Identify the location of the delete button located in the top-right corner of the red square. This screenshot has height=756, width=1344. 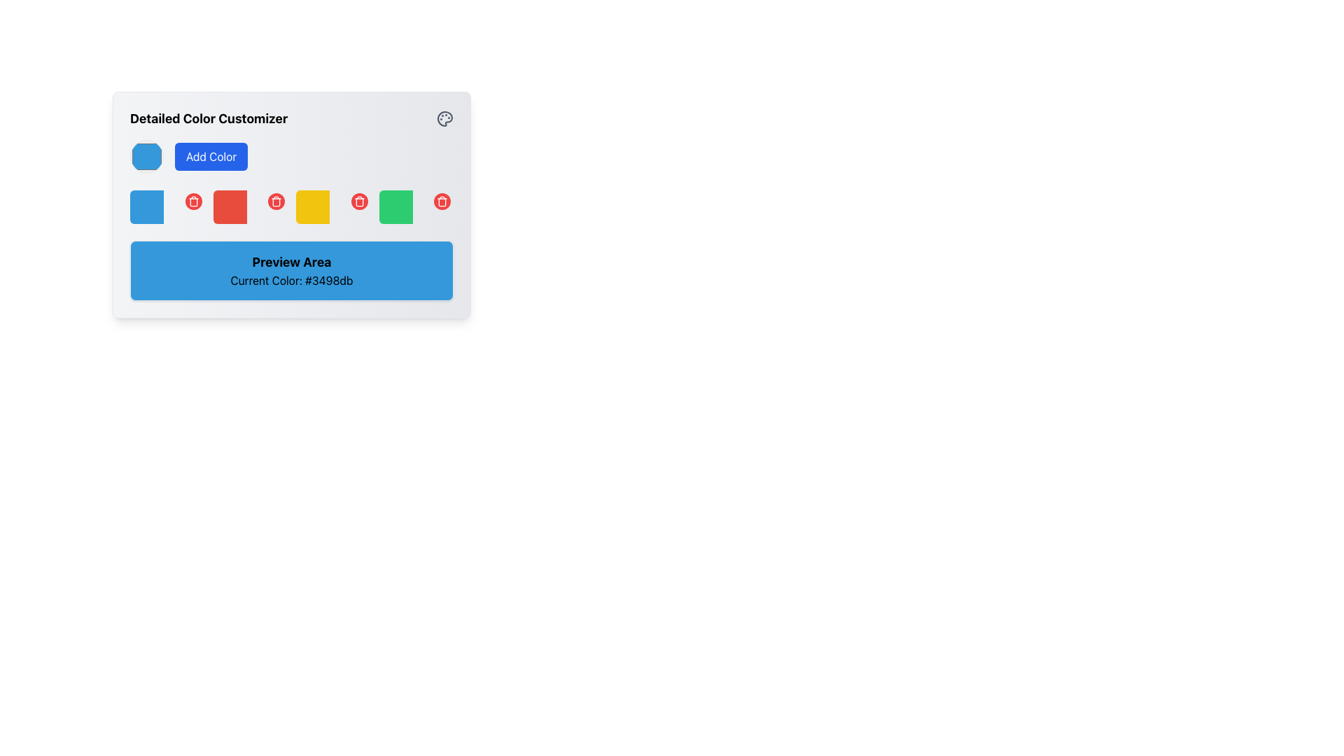
(192, 202).